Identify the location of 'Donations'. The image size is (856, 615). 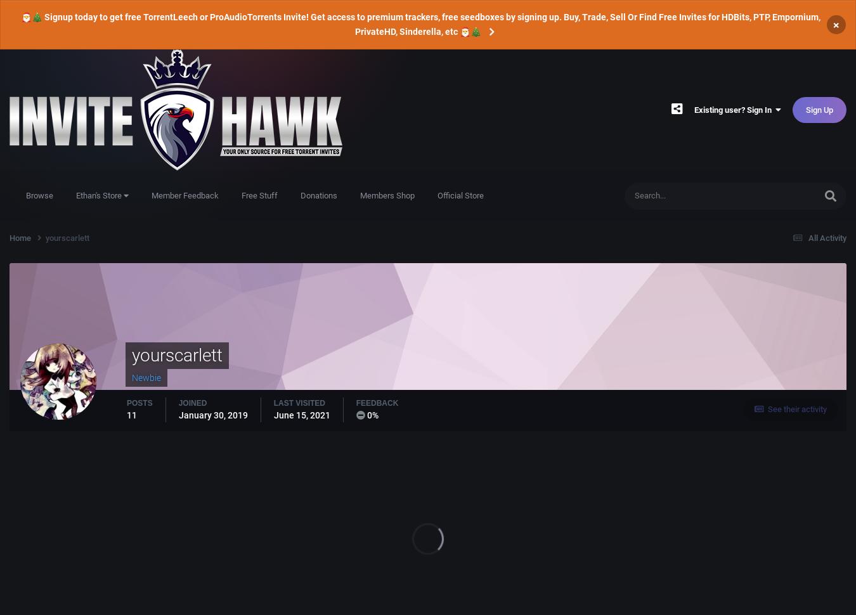
(318, 195).